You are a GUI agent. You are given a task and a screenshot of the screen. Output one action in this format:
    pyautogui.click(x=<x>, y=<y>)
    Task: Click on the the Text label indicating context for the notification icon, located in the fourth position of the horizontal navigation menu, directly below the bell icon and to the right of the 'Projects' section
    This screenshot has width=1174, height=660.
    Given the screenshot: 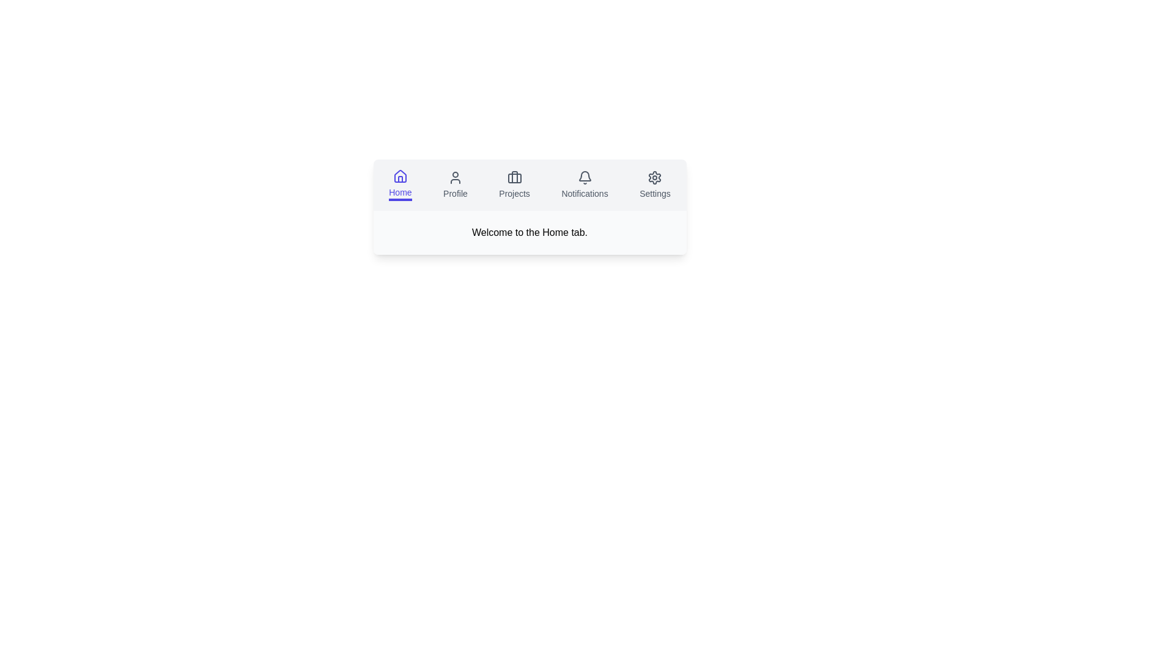 What is the action you would take?
    pyautogui.click(x=584, y=193)
    